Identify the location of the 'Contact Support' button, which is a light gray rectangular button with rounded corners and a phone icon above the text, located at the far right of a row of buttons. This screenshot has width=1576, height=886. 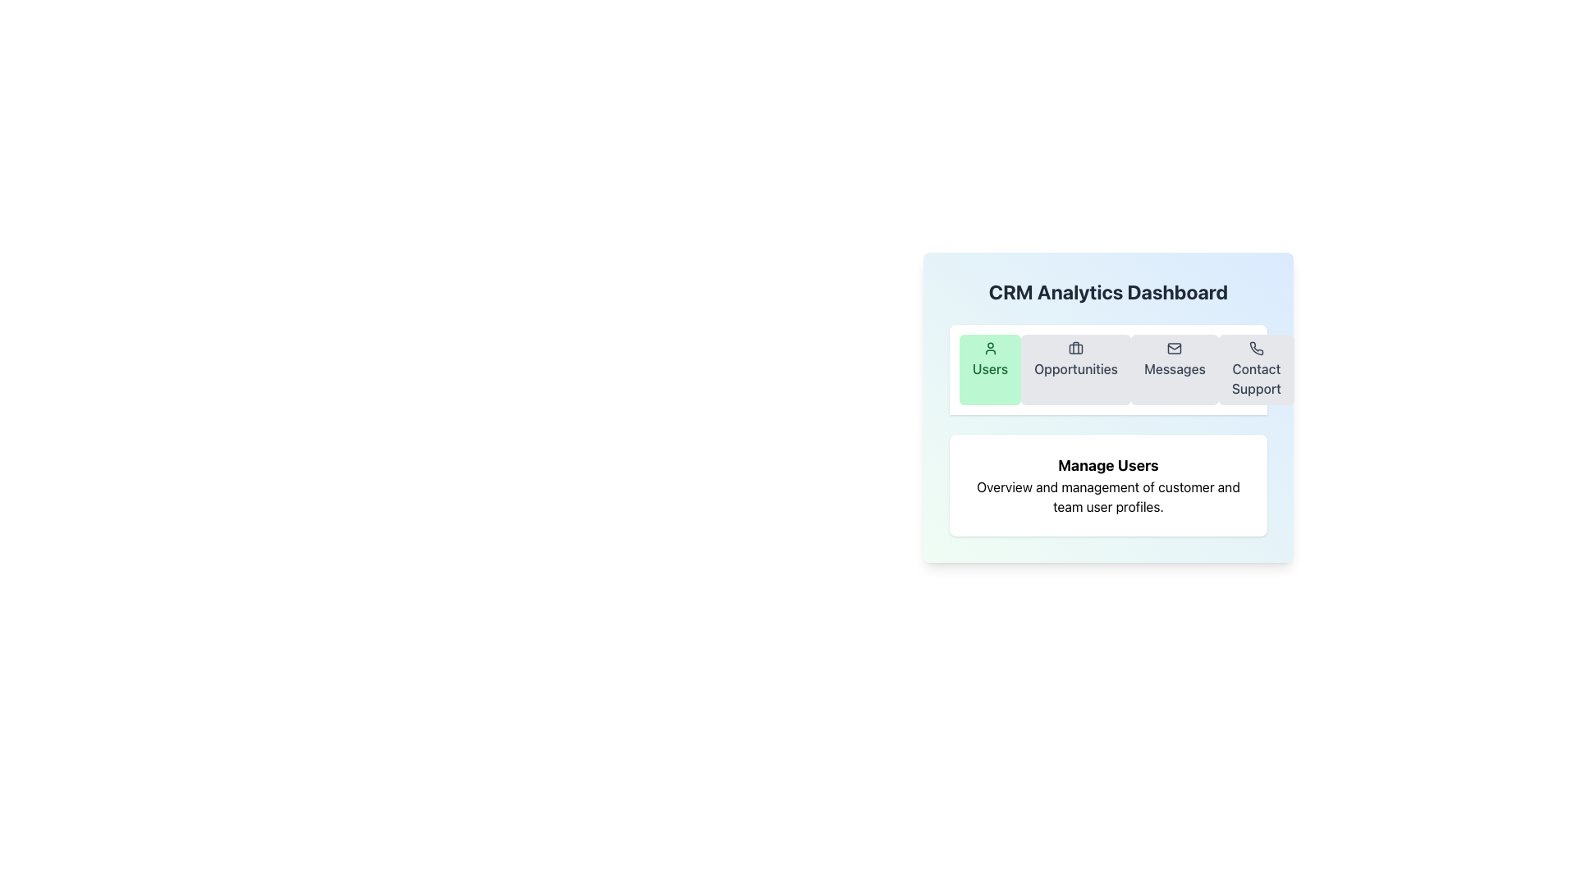
(1255, 370).